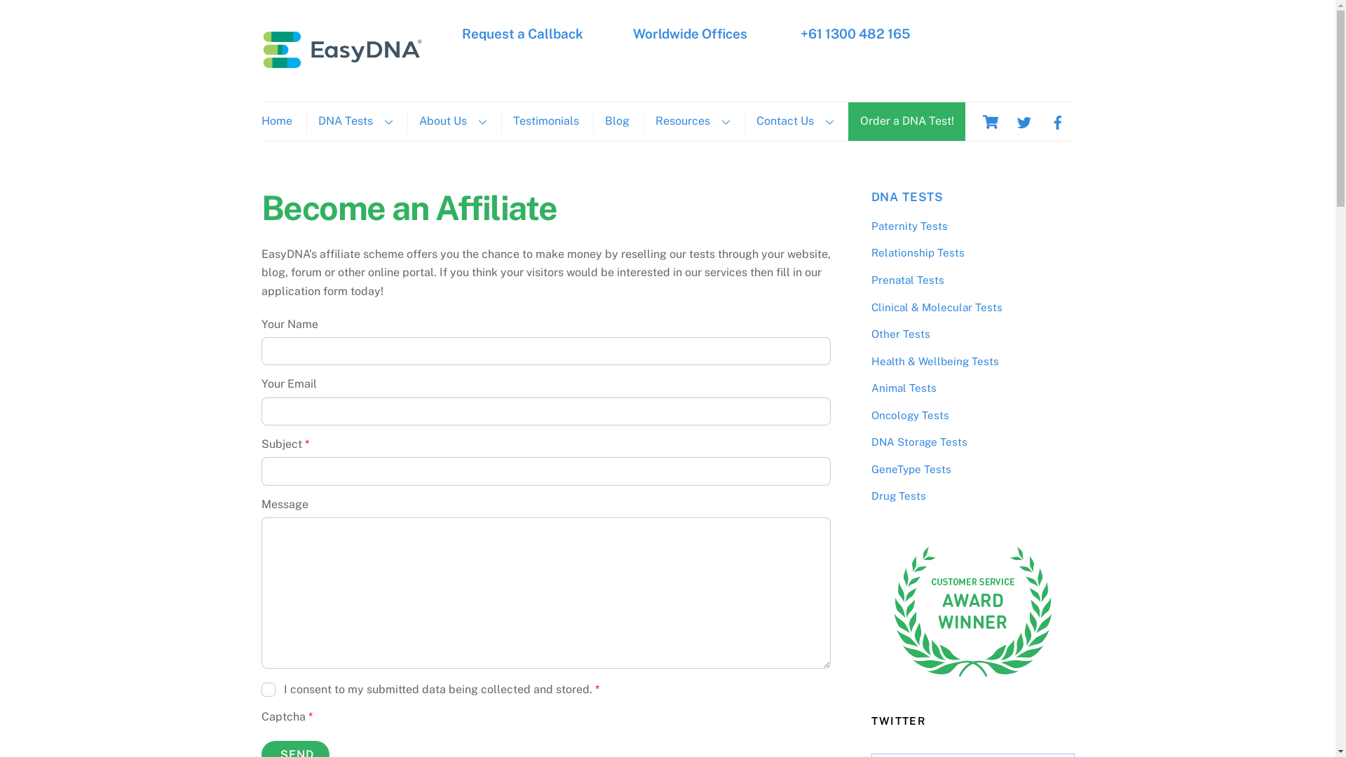  What do you see at coordinates (918, 442) in the screenshot?
I see `'DNA Storage Tests'` at bounding box center [918, 442].